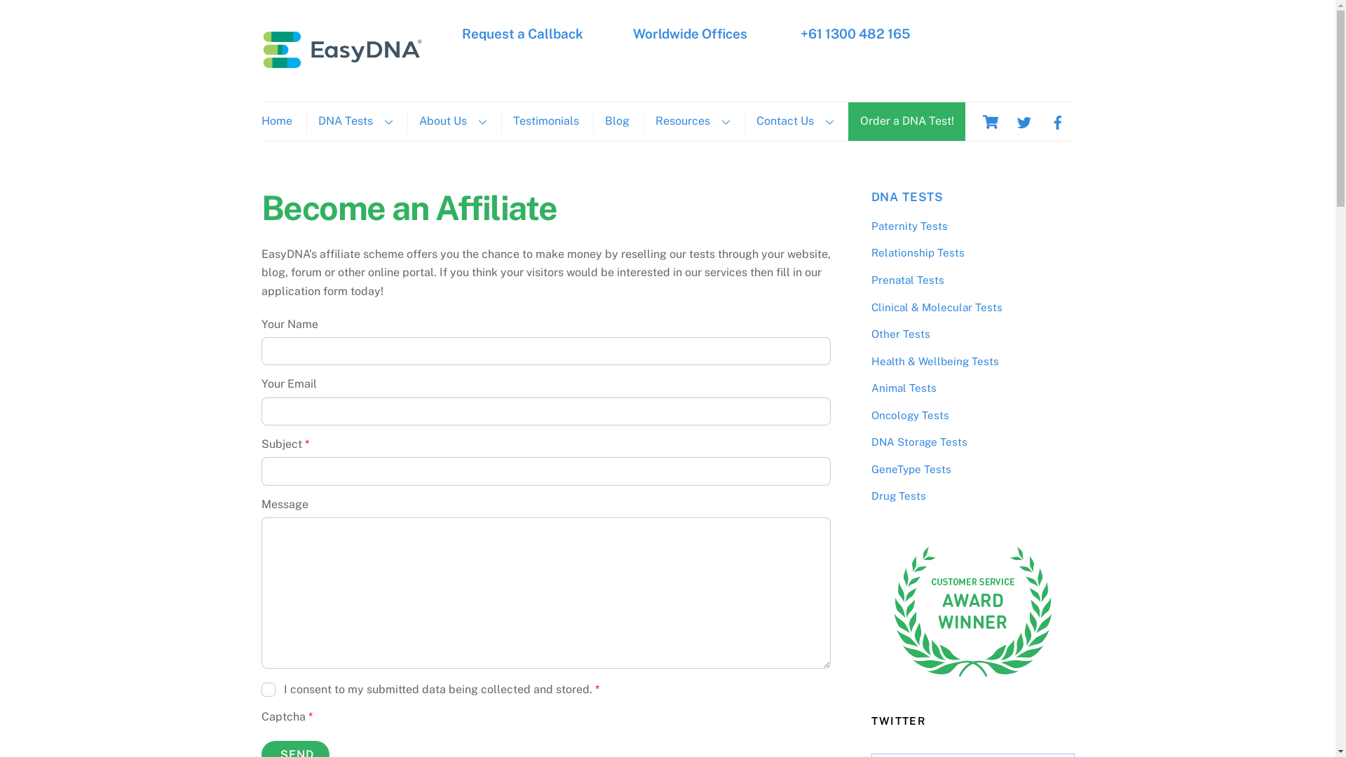  What do you see at coordinates (918, 442) in the screenshot?
I see `'DNA Storage Tests'` at bounding box center [918, 442].